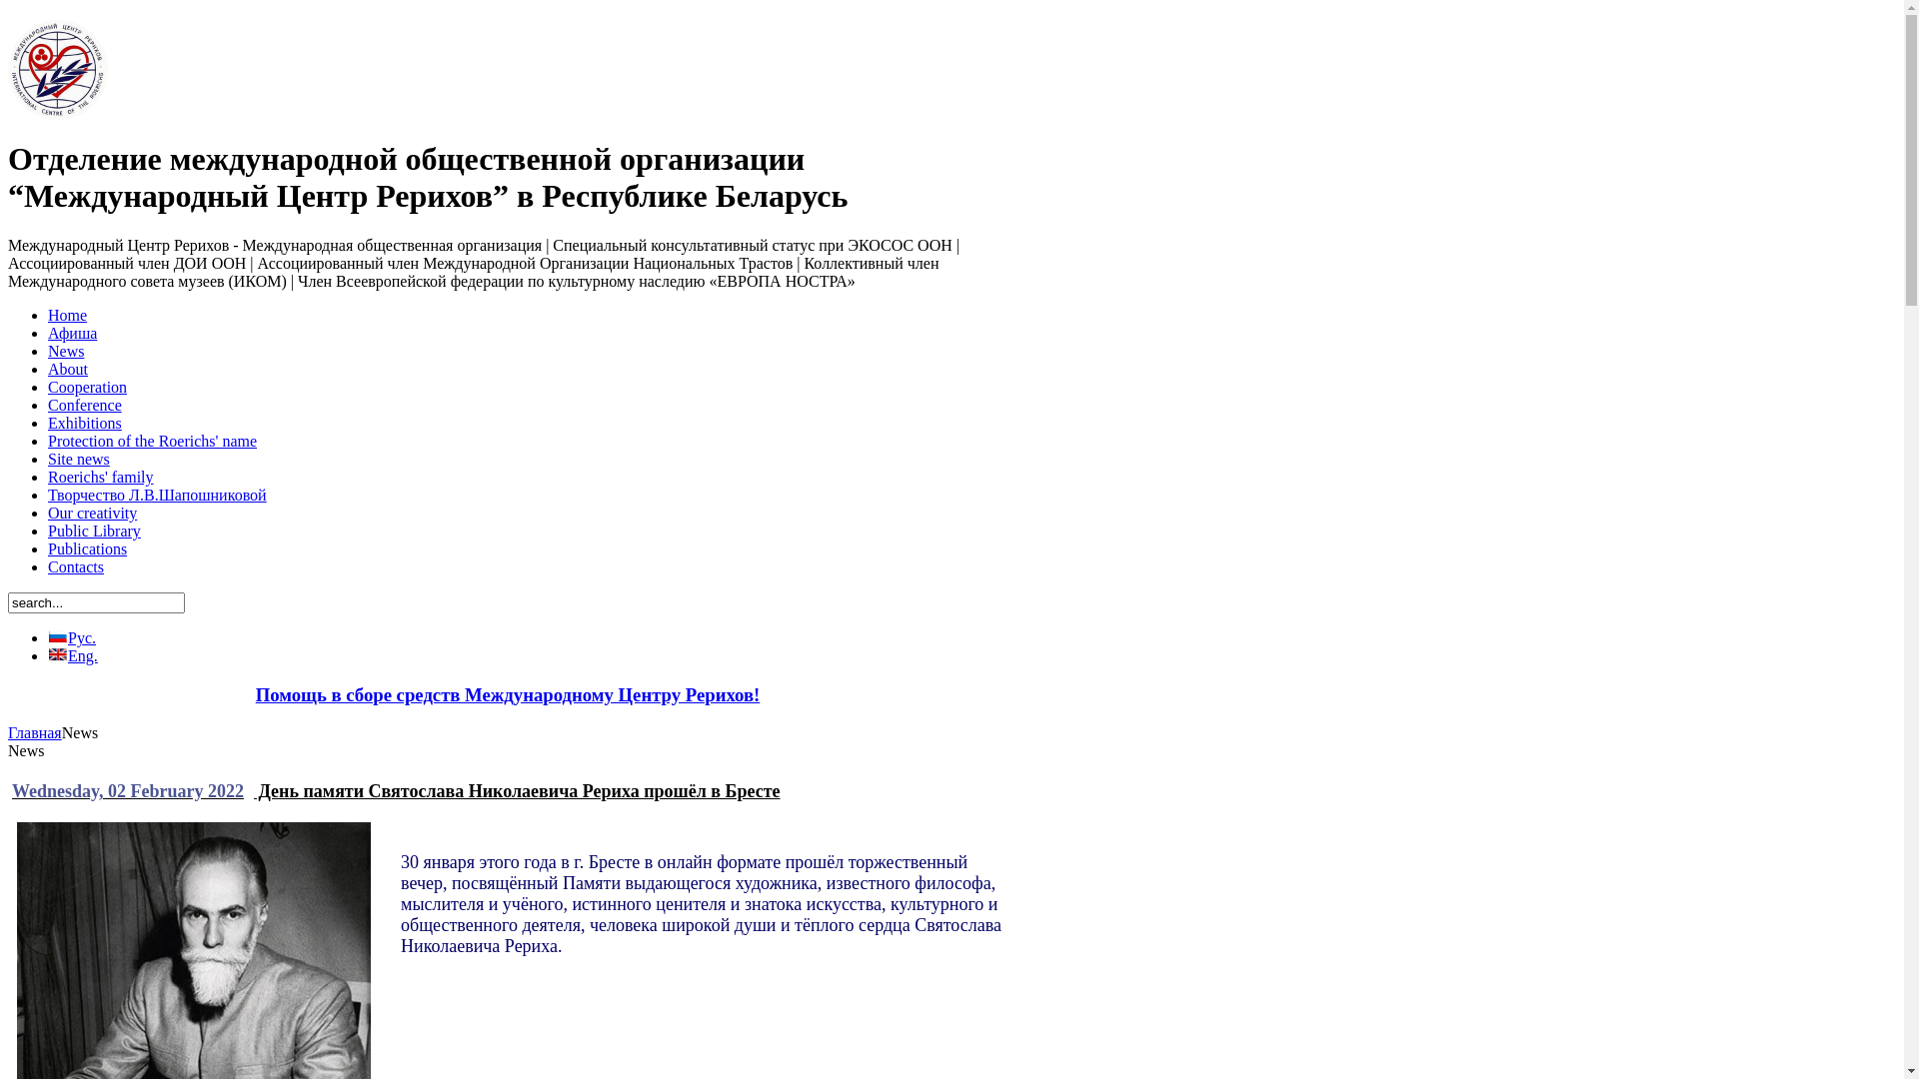  Describe the element at coordinates (66, 350) in the screenshot. I see `'News'` at that location.